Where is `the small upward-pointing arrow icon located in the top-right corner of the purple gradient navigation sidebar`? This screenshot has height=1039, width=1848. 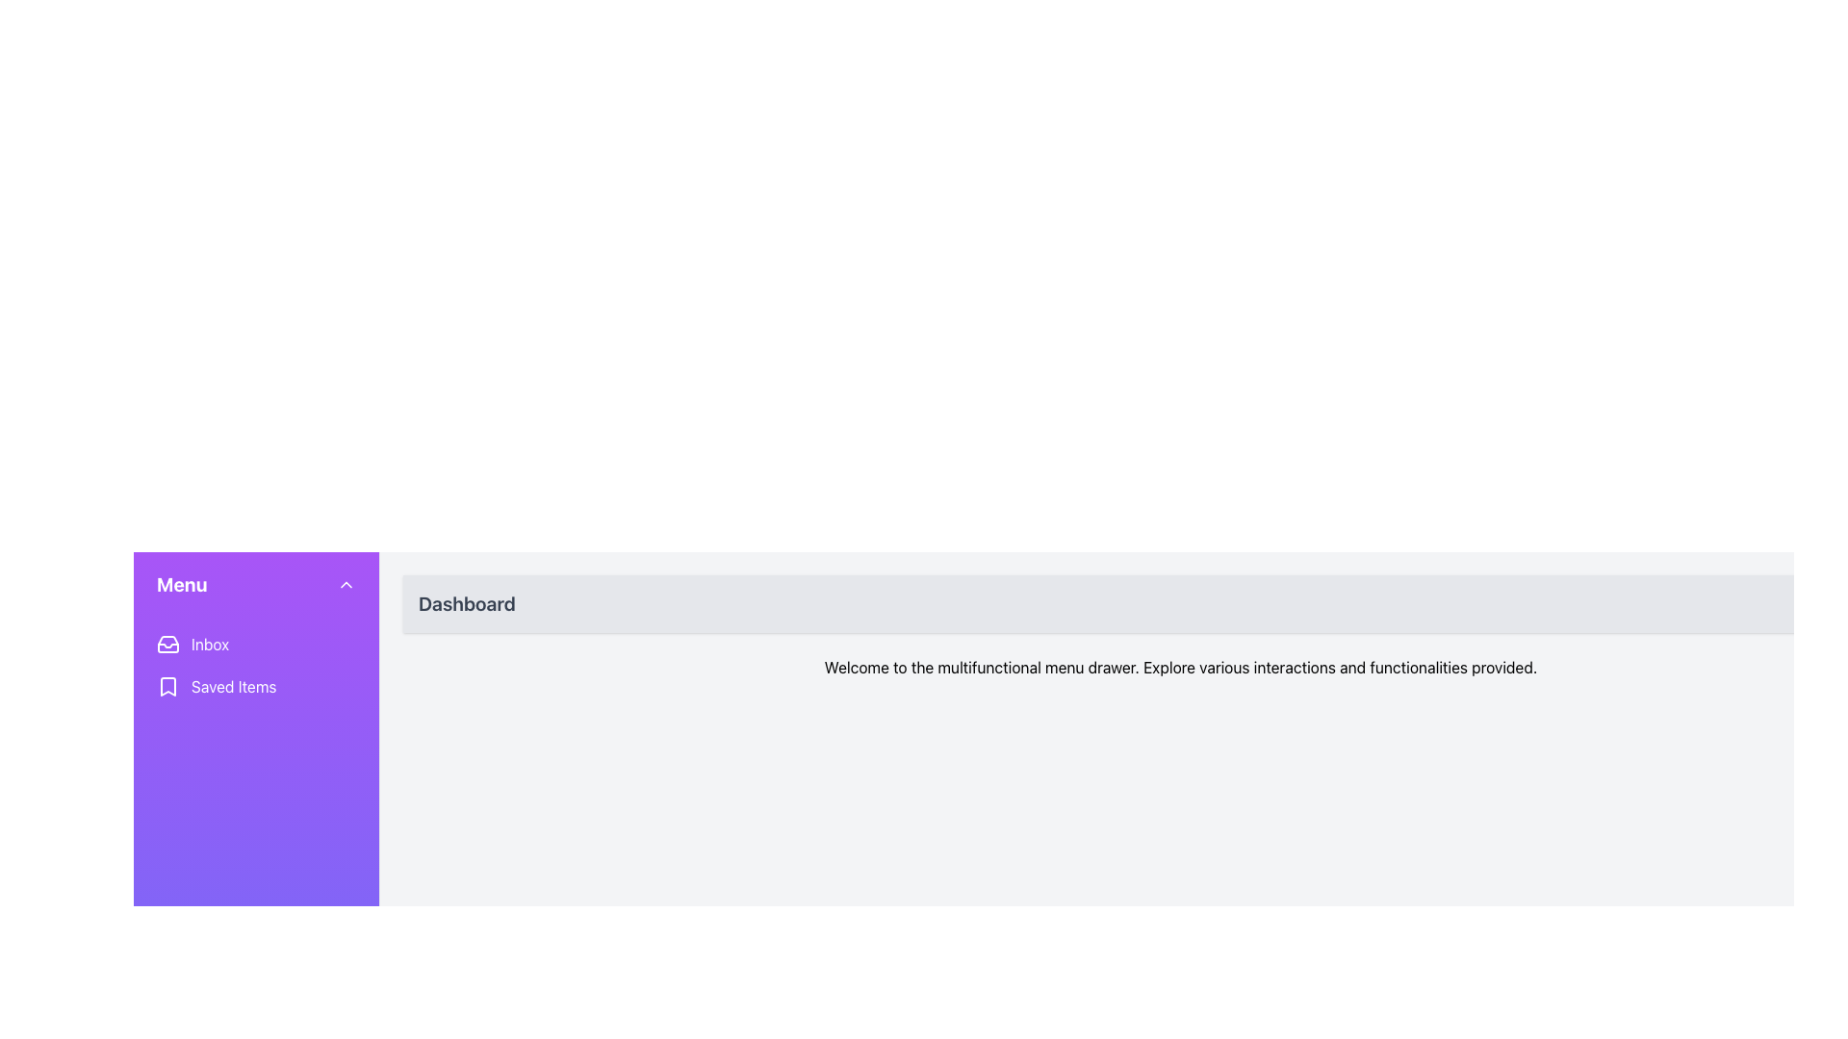
the small upward-pointing arrow icon located in the top-right corner of the purple gradient navigation sidebar is located at coordinates (346, 584).